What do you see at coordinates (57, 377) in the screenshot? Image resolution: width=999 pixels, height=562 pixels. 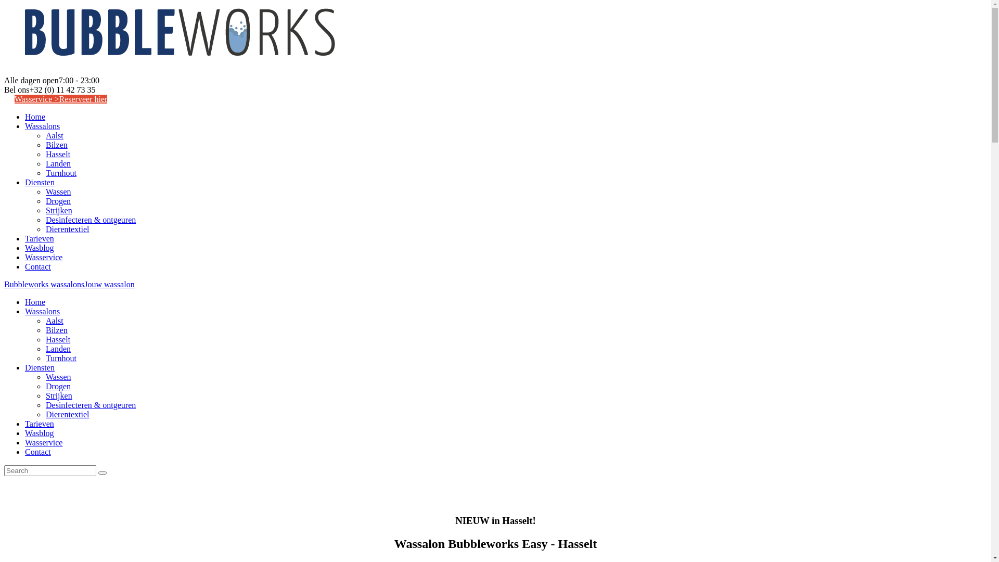 I see `'Wassen'` at bounding box center [57, 377].